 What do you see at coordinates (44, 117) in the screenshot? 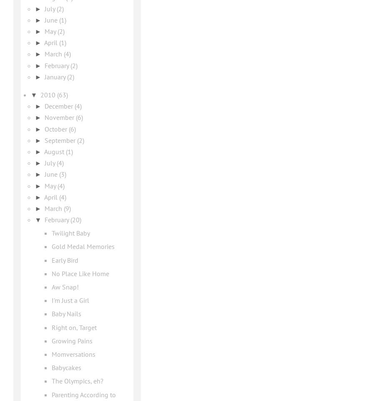
I see `'November'` at bounding box center [44, 117].